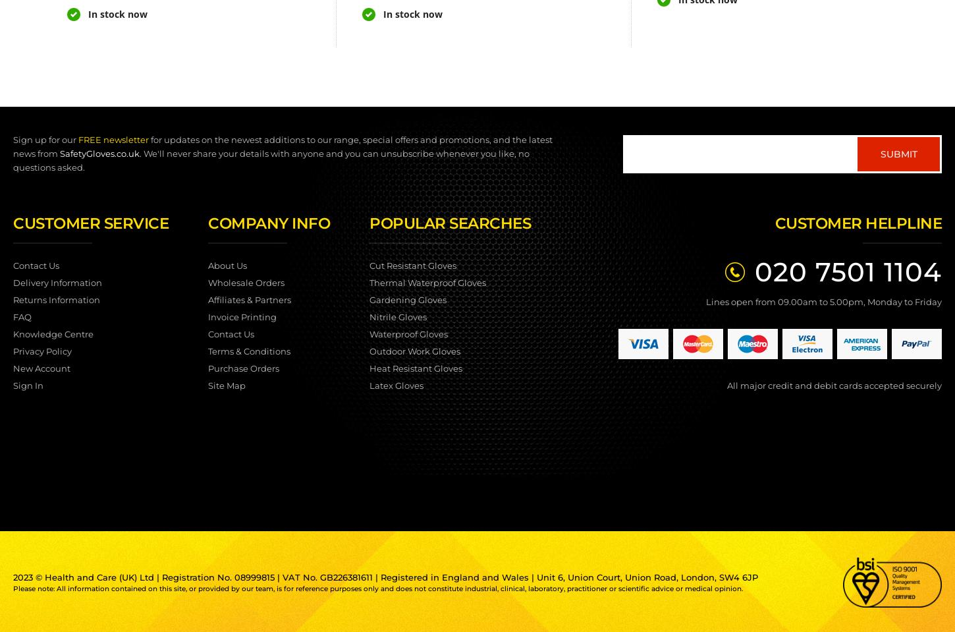 The height and width of the screenshot is (632, 955). What do you see at coordinates (60, 154) in the screenshot?
I see `'SafetyGloves.co.uk'` at bounding box center [60, 154].